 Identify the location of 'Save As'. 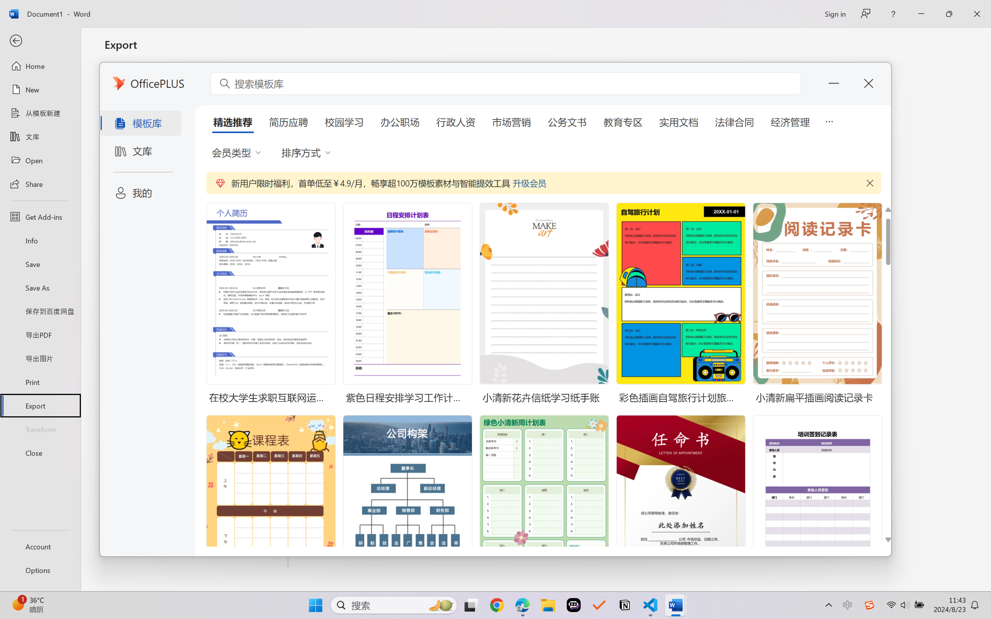
(40, 287).